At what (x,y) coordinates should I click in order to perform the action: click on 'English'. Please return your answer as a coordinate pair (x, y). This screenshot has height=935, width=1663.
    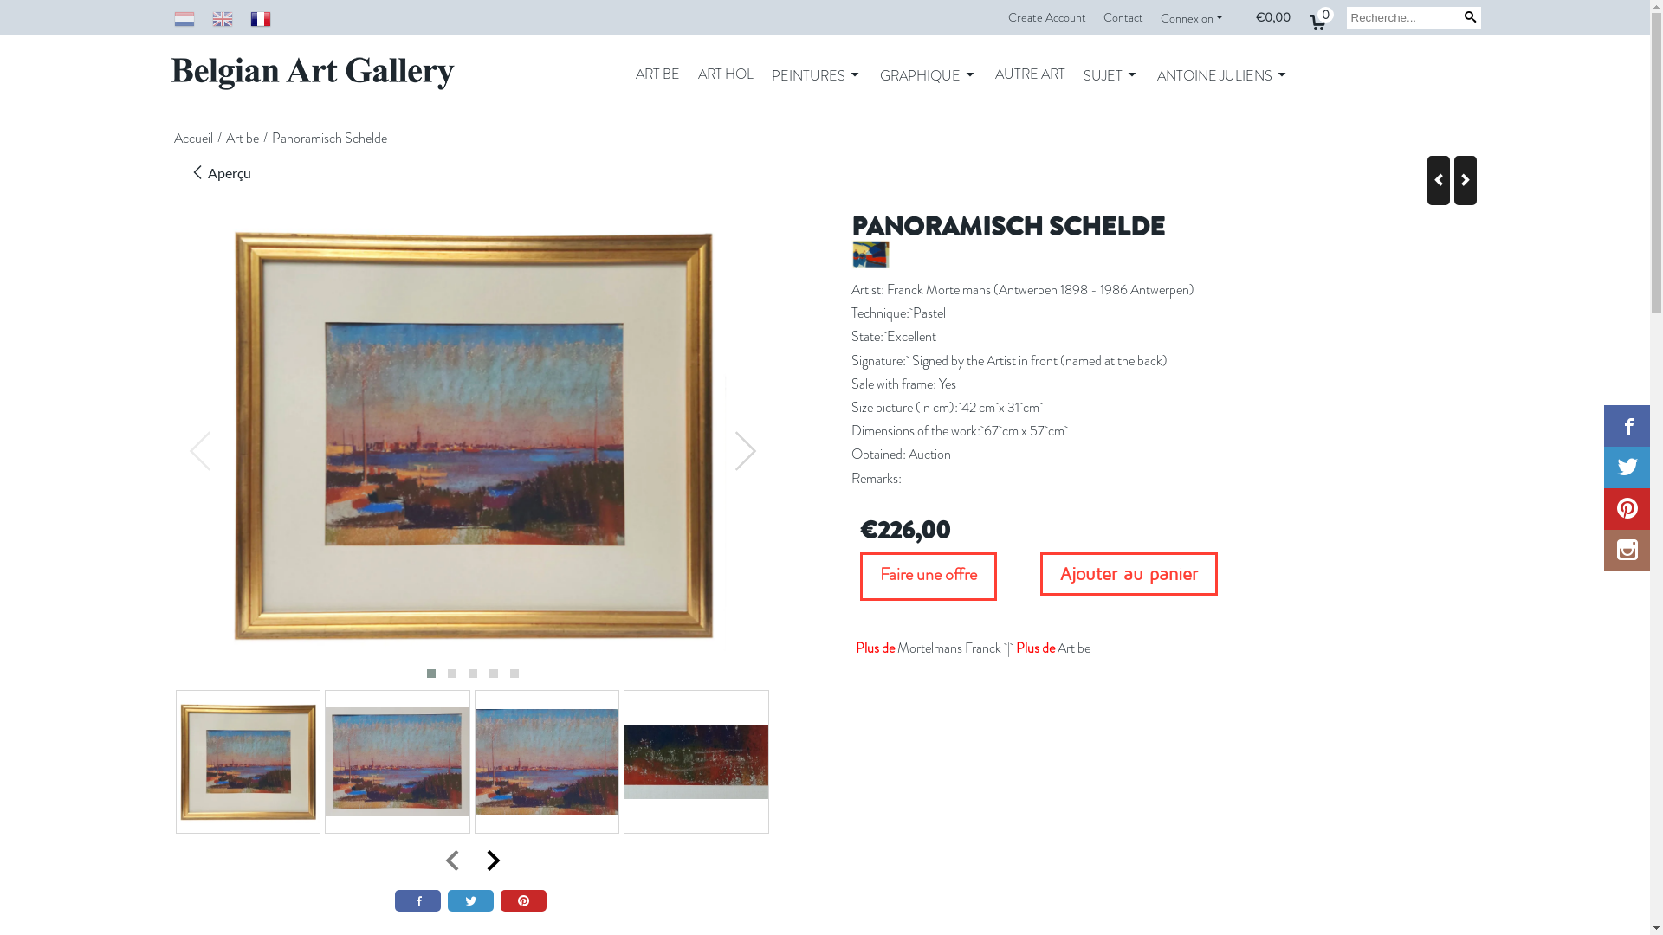
    Looking at the image, I should click on (220, 16).